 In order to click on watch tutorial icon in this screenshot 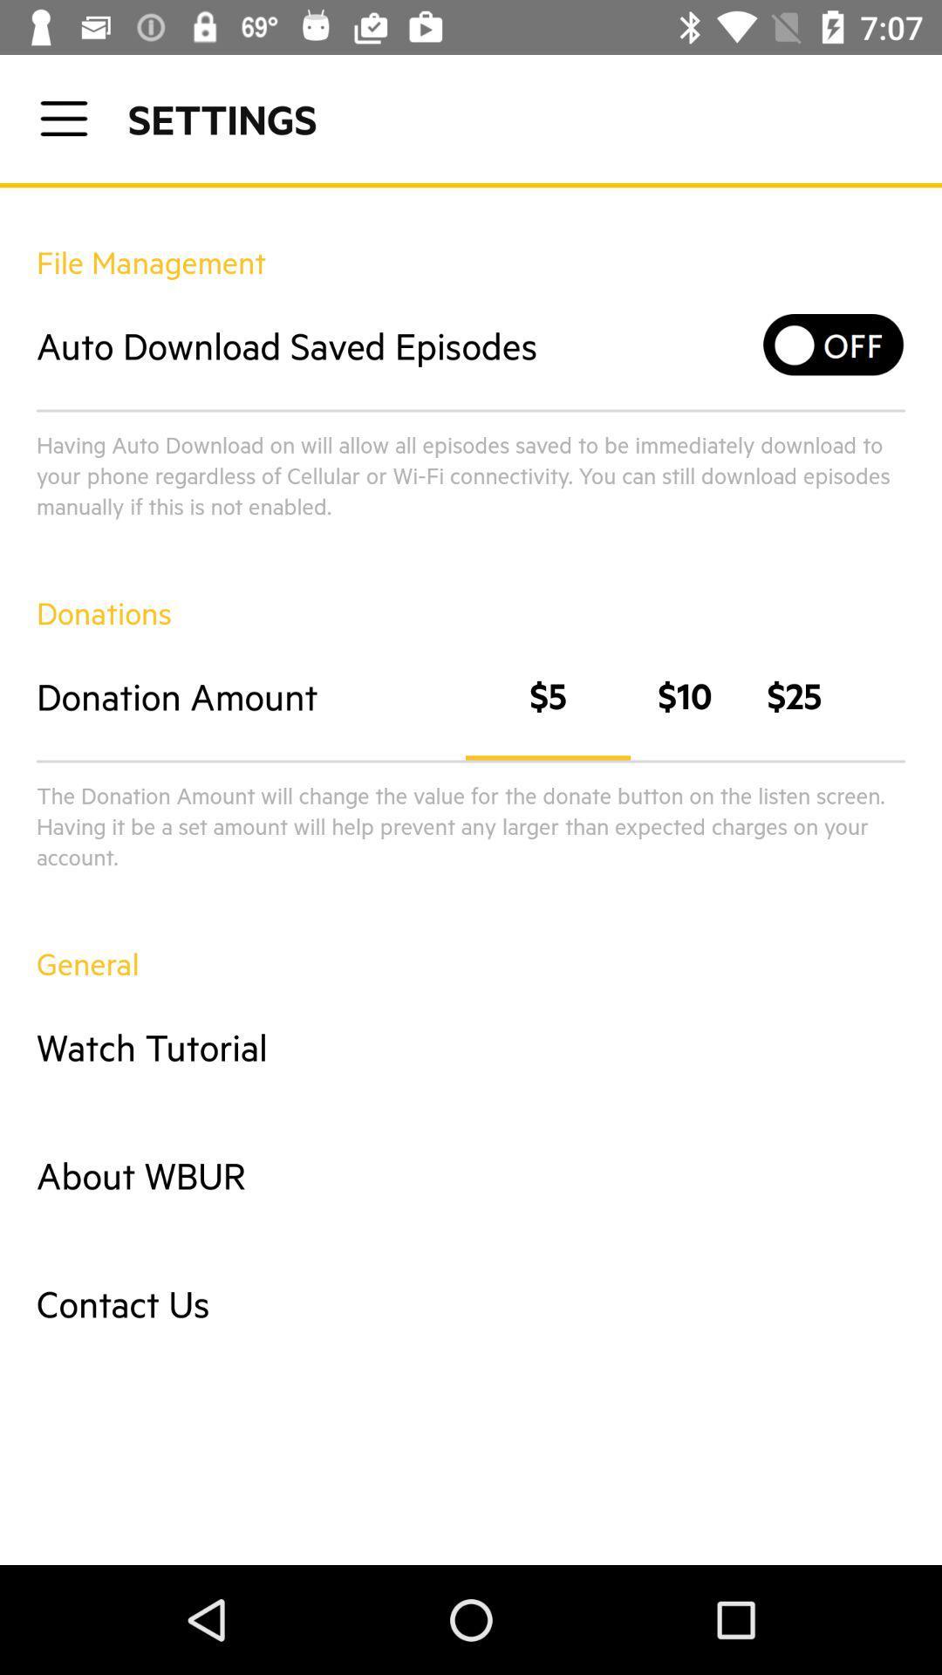, I will do `click(471, 1047)`.